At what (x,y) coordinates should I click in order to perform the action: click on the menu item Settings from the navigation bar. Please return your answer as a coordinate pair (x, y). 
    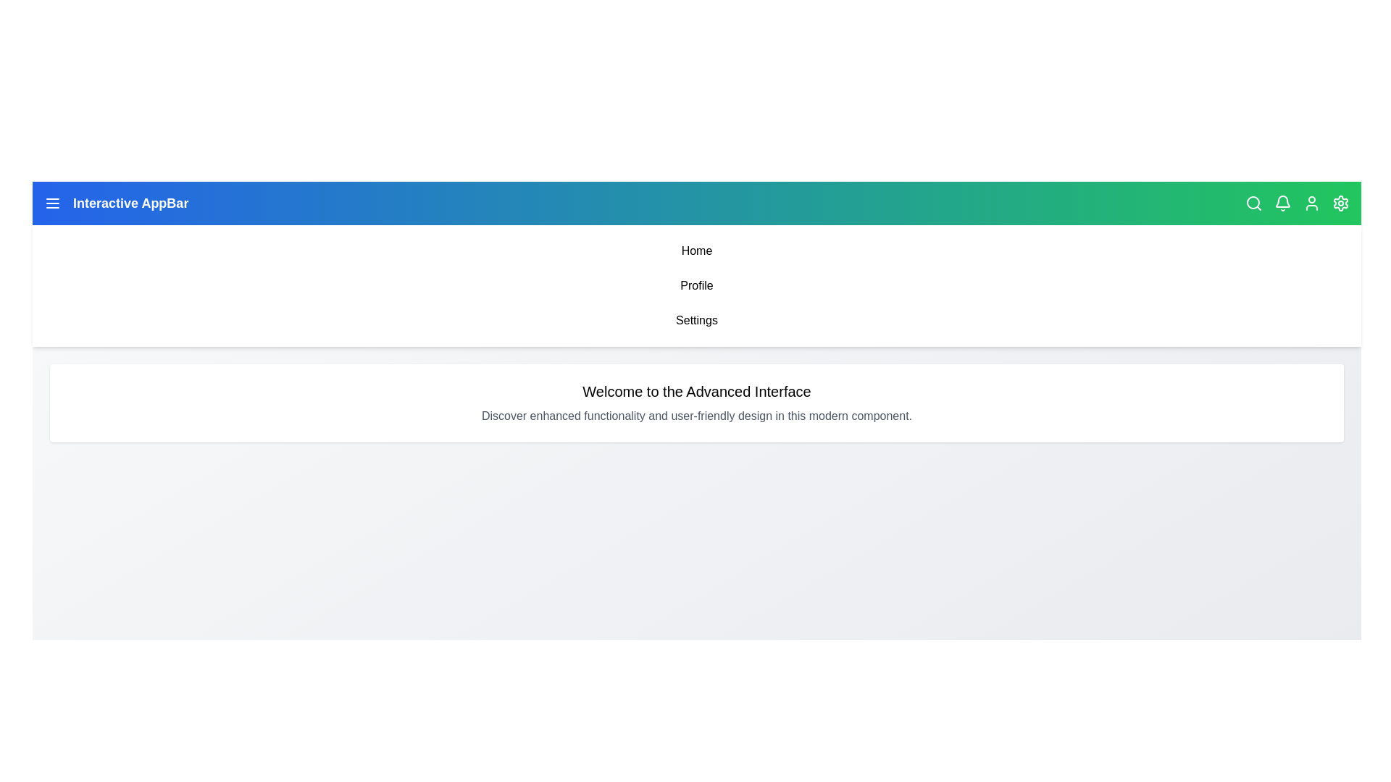
    Looking at the image, I should click on (696, 320).